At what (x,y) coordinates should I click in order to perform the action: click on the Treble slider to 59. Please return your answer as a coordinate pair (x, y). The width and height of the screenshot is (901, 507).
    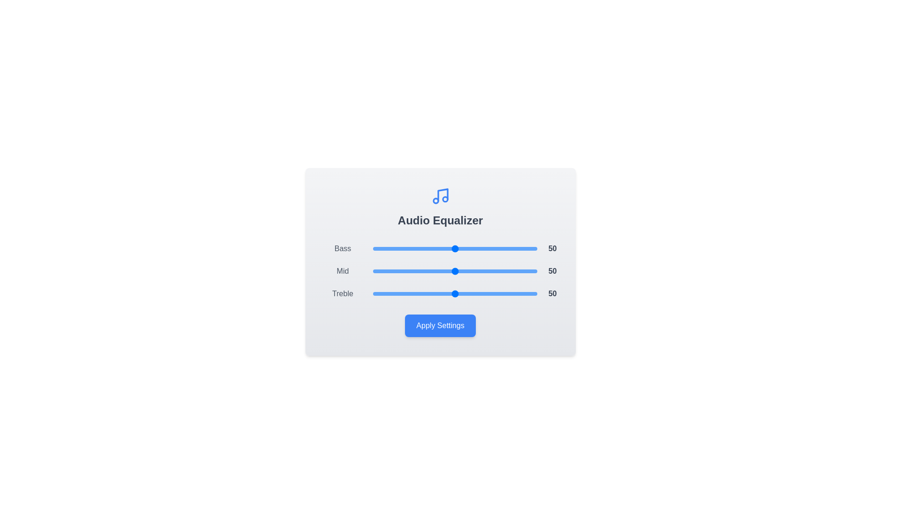
    Looking at the image, I should click on (470, 293).